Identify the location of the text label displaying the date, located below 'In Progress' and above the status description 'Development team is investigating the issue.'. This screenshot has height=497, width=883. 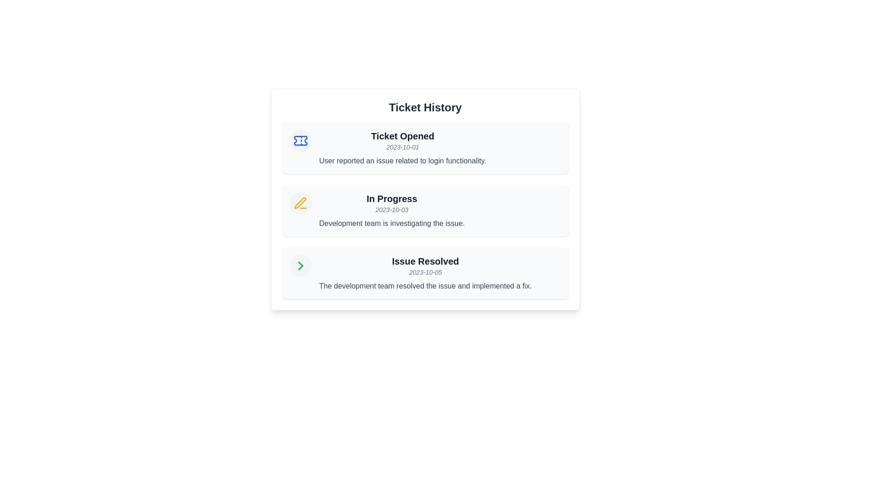
(392, 209).